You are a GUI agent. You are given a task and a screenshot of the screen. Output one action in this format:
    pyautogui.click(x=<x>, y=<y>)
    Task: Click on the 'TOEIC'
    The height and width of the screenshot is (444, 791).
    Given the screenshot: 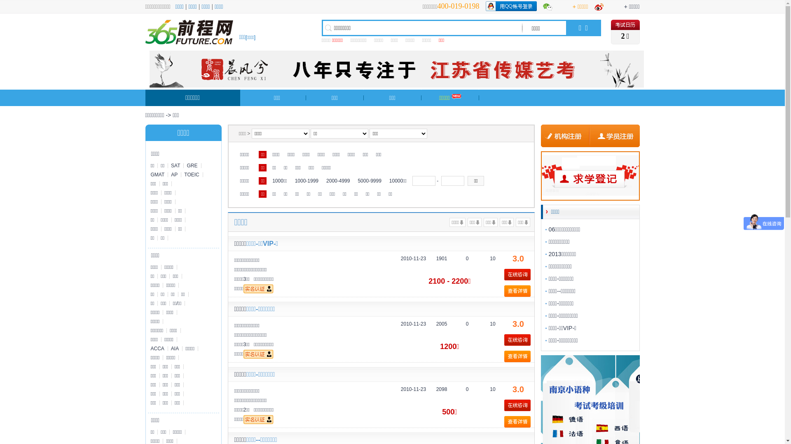 What is the action you would take?
    pyautogui.click(x=191, y=174)
    